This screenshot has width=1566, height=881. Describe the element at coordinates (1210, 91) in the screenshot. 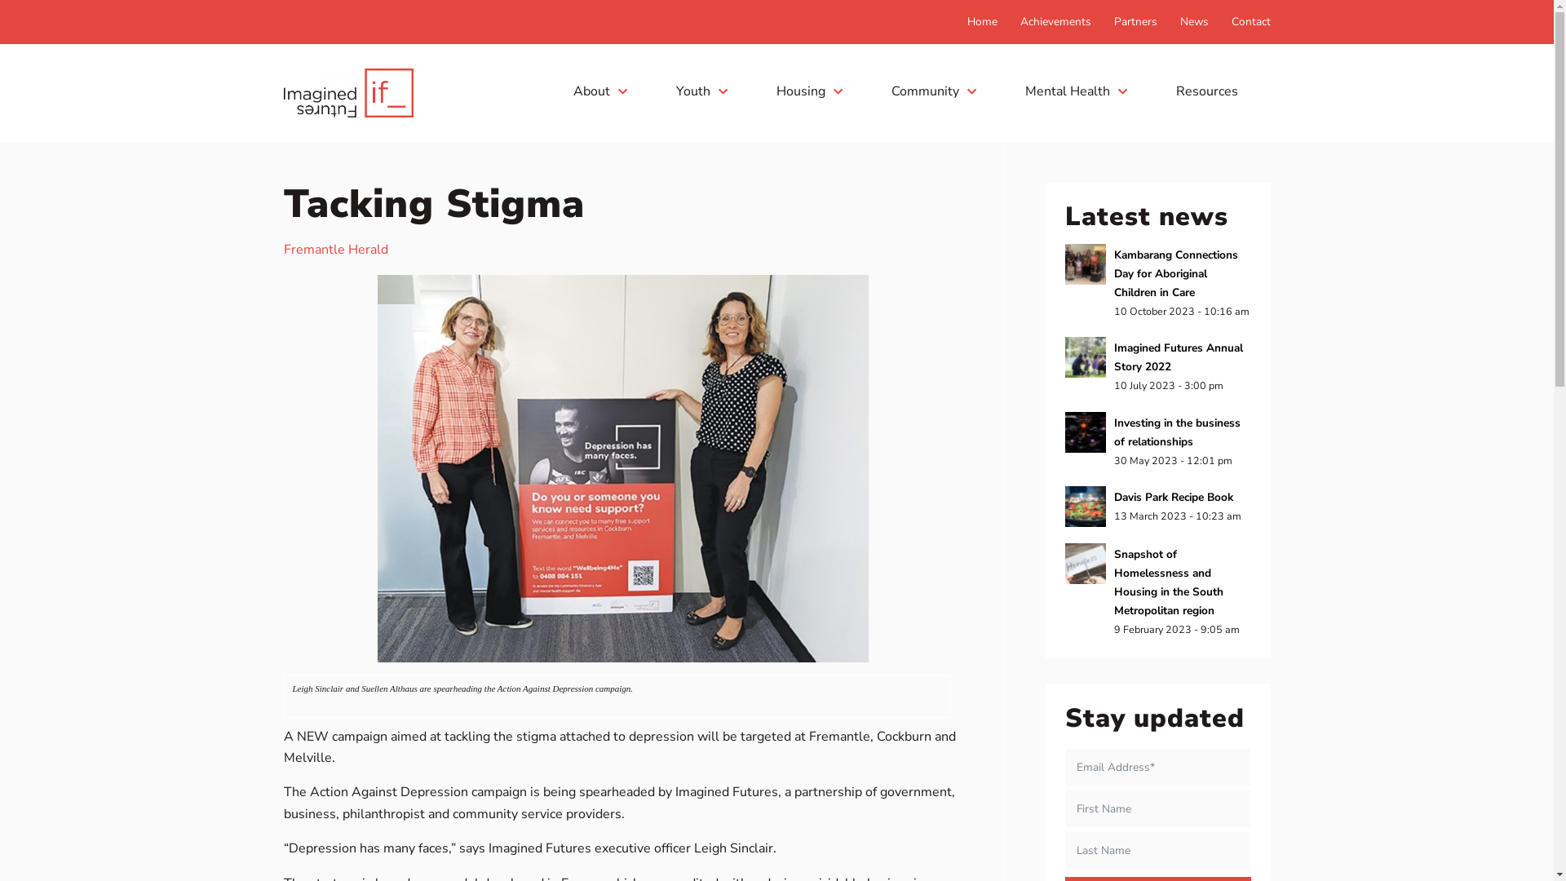

I see `'Resources'` at that location.